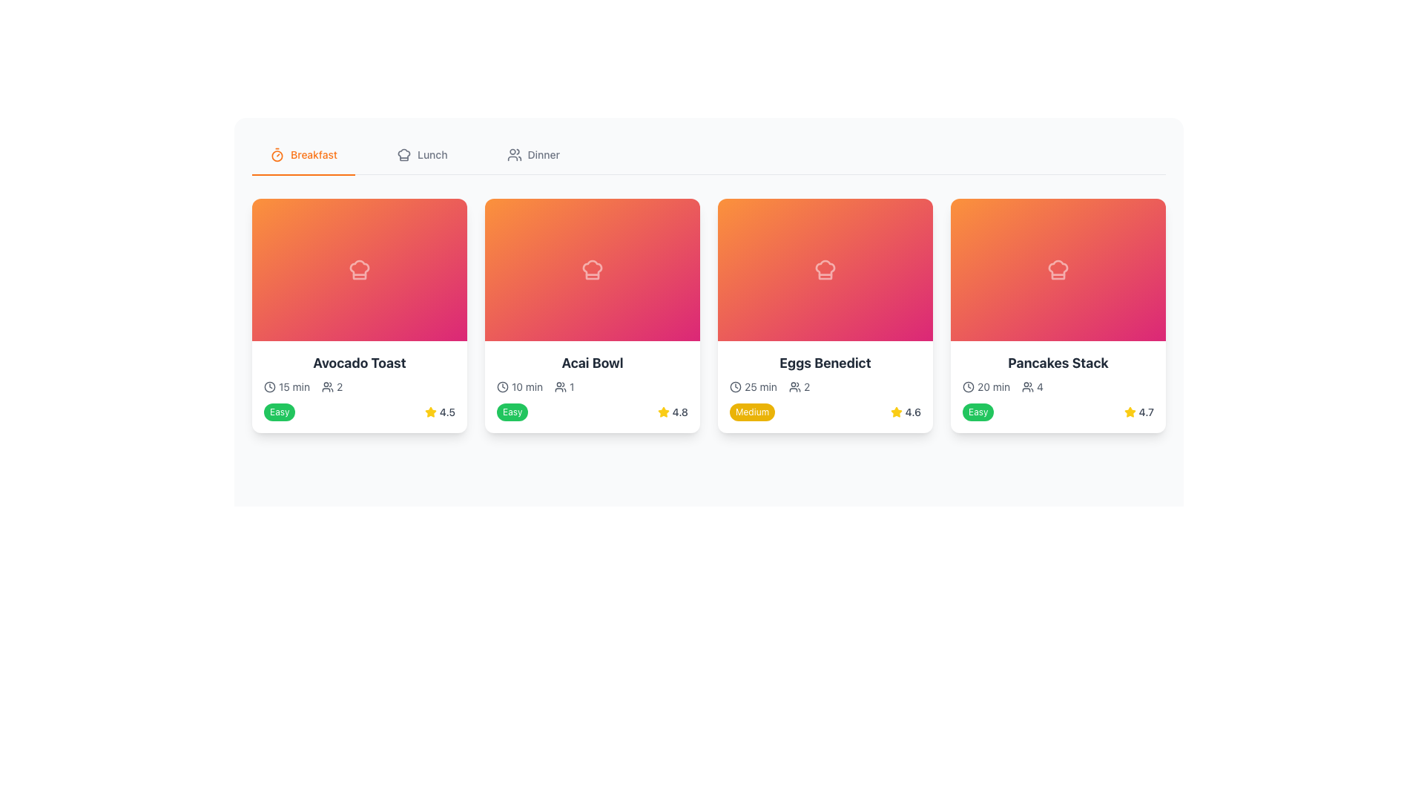 The image size is (1424, 801). Describe the element at coordinates (1057, 363) in the screenshot. I see `the title text element for the 'Pancakes Stack' recipe located at the top center of the fourth card in the grid layout` at that location.